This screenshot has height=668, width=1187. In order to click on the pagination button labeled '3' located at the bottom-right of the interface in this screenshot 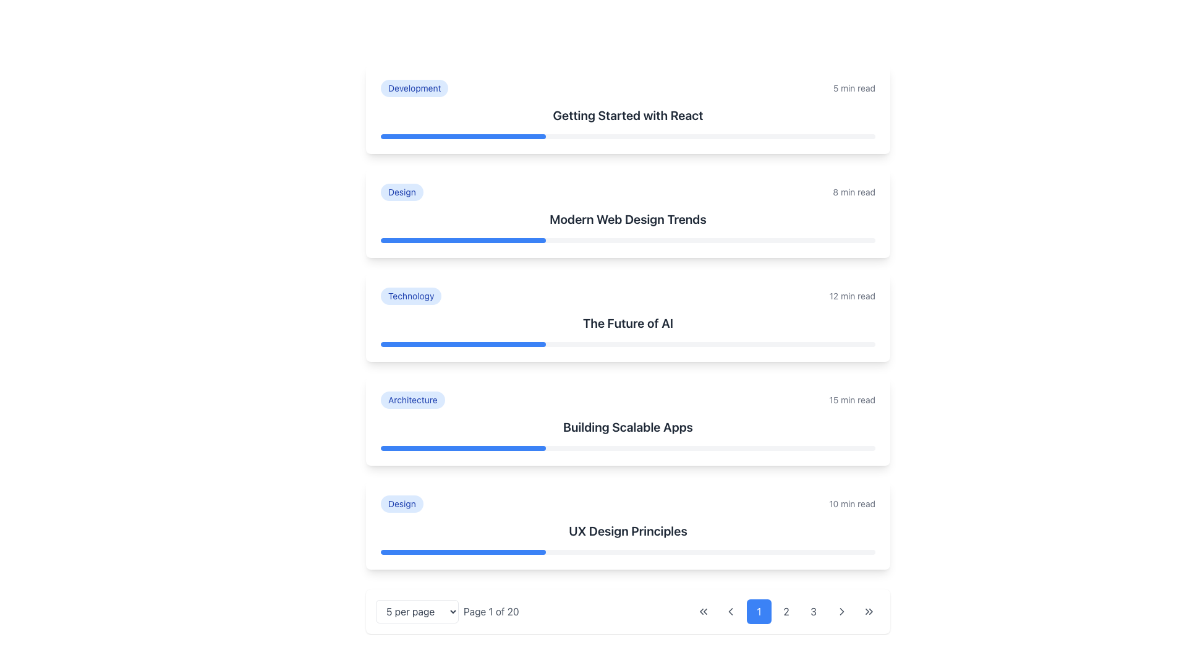, I will do `click(813, 610)`.